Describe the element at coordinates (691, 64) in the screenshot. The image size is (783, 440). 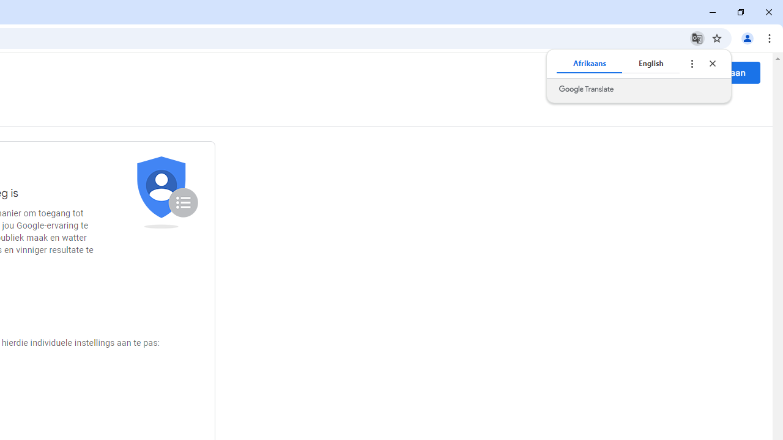
I see `'Translate options'` at that location.